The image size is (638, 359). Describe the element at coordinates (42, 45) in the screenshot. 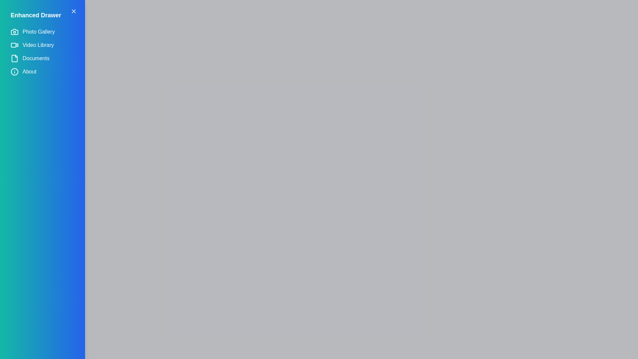

I see `the 'Video Library' menu item located in the vertical navigation drawer, which is the second entry below 'Photo Gallery' and above 'Documents'` at that location.